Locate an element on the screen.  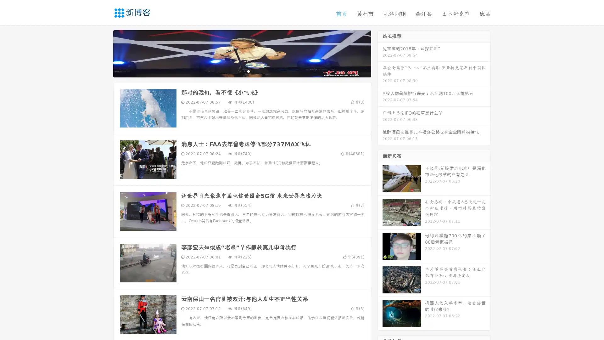
Previous slide is located at coordinates (104, 53).